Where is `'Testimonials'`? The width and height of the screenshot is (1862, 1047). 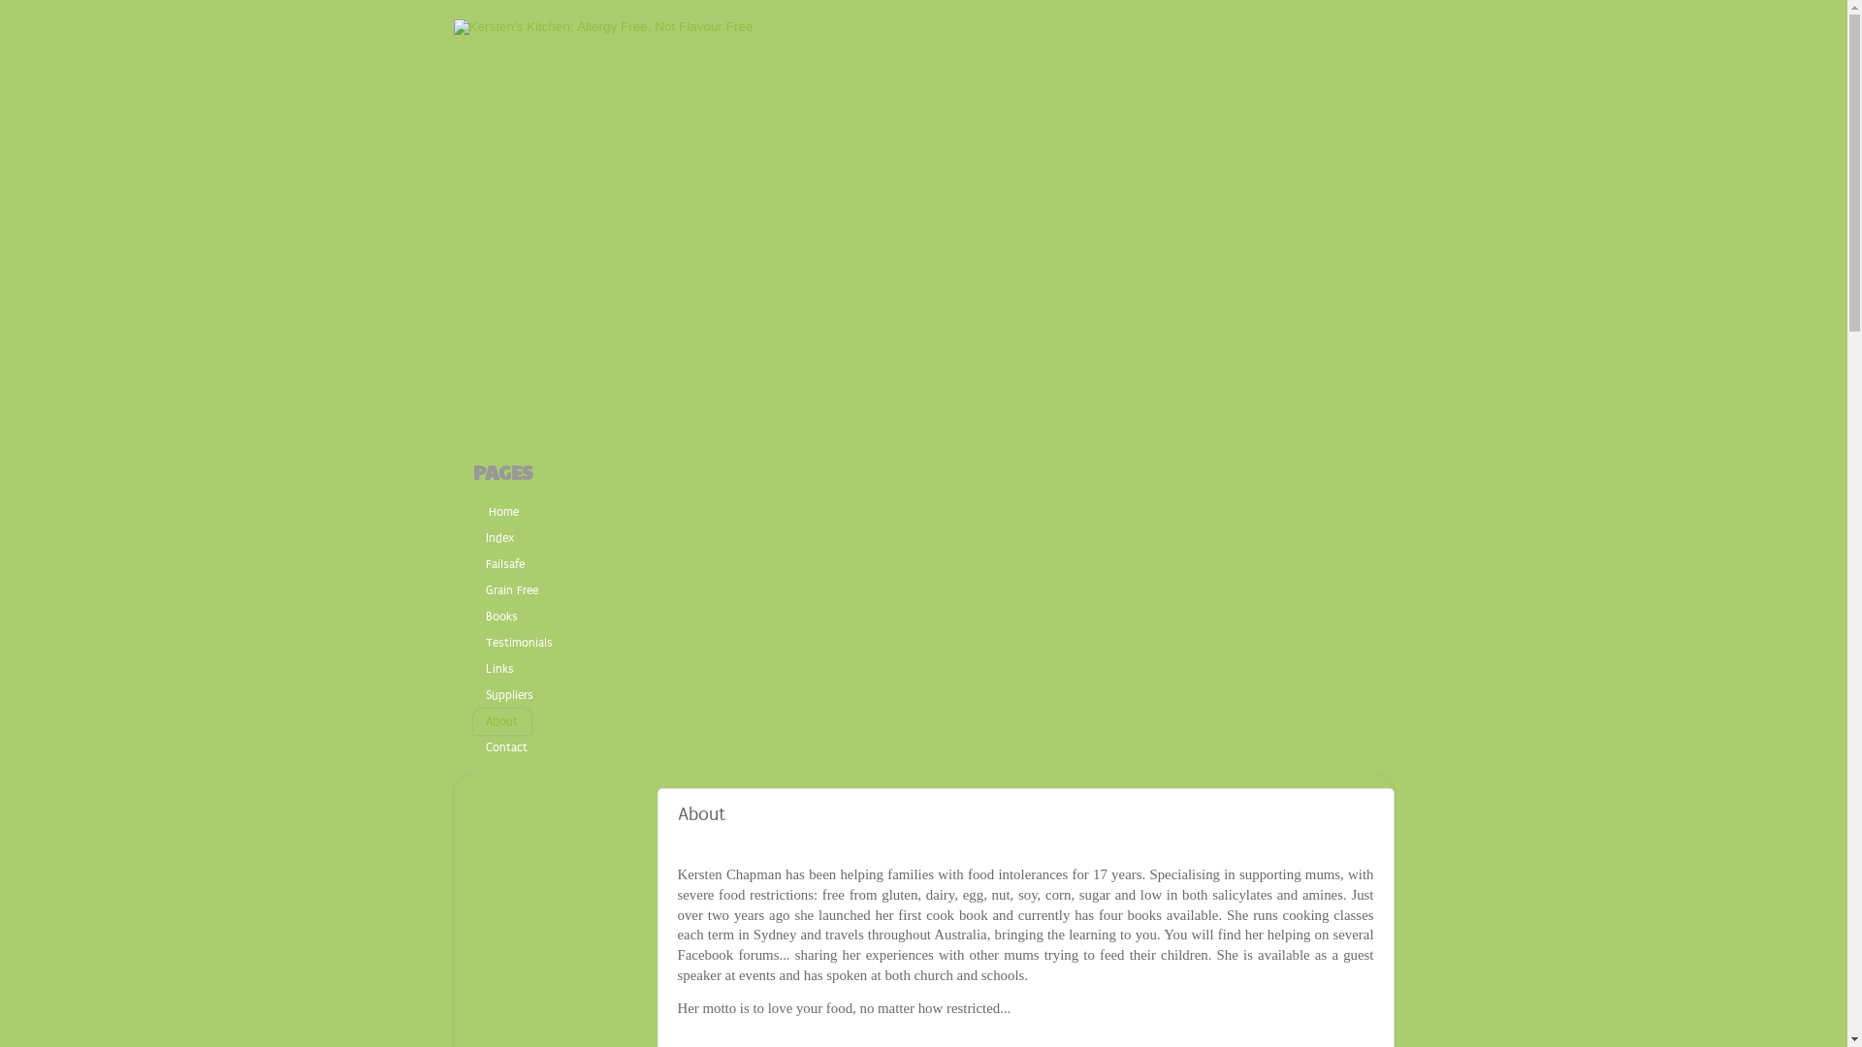
'Testimonials' is located at coordinates (520, 643).